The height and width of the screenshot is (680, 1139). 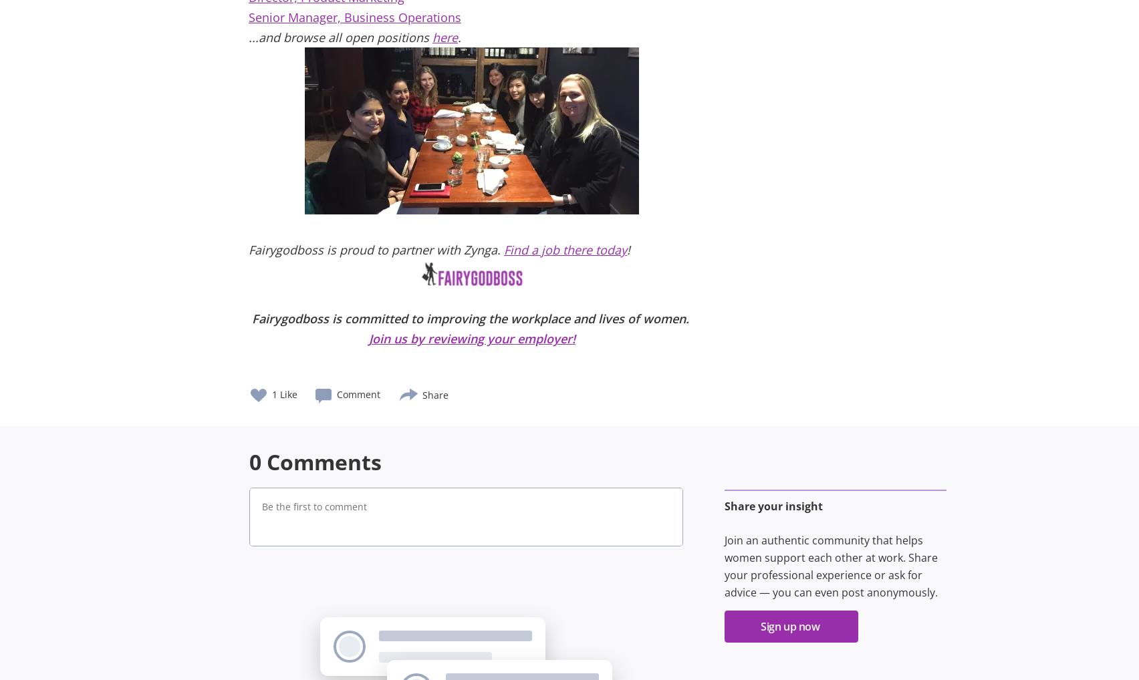 I want to click on '1 like', so click(x=285, y=394).